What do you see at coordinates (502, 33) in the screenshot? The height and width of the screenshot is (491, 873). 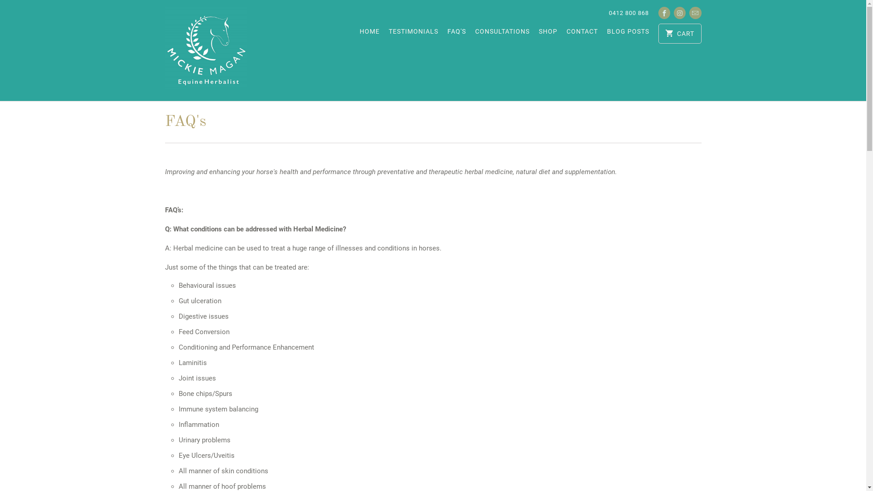 I see `'CONSULTATIONS'` at bounding box center [502, 33].